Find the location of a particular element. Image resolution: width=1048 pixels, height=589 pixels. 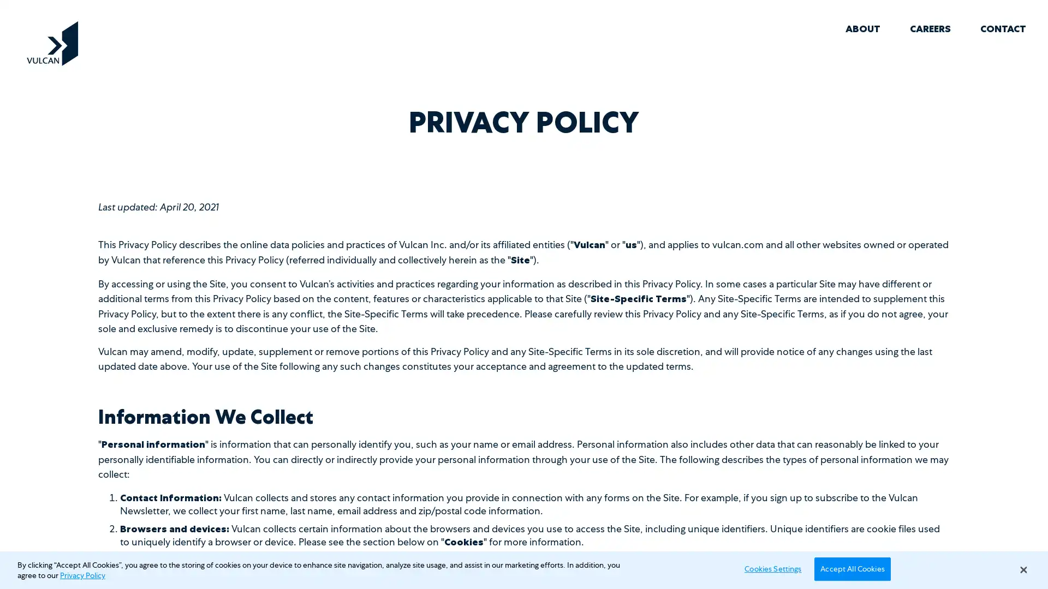

Cookies Settings is located at coordinates (769, 568).